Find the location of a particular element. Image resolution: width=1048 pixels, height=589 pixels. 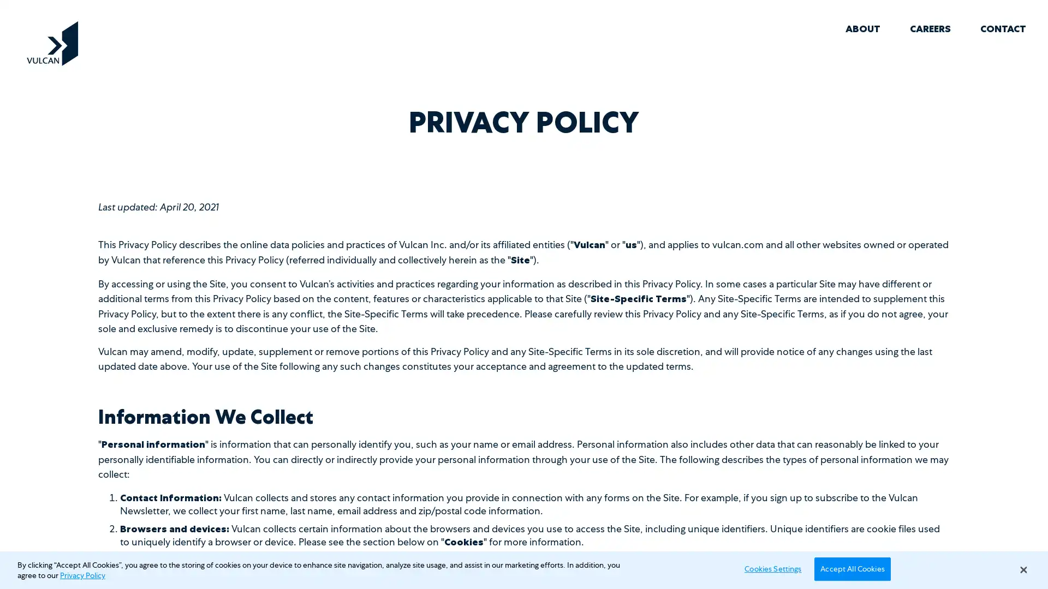

Cookies Settings is located at coordinates (769, 568).